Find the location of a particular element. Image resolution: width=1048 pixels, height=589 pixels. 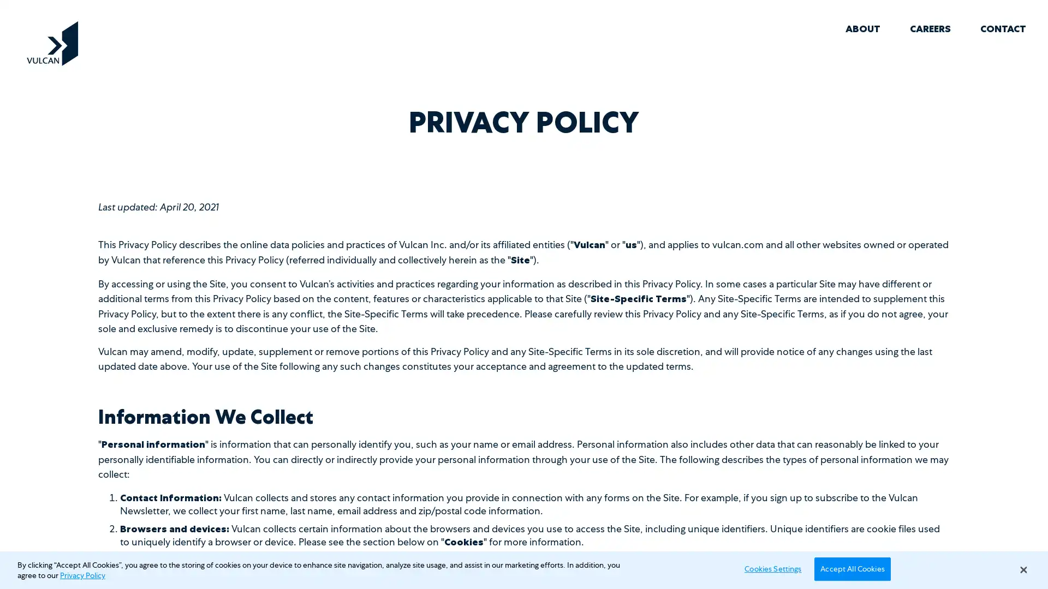

Cookies Settings is located at coordinates (769, 568).